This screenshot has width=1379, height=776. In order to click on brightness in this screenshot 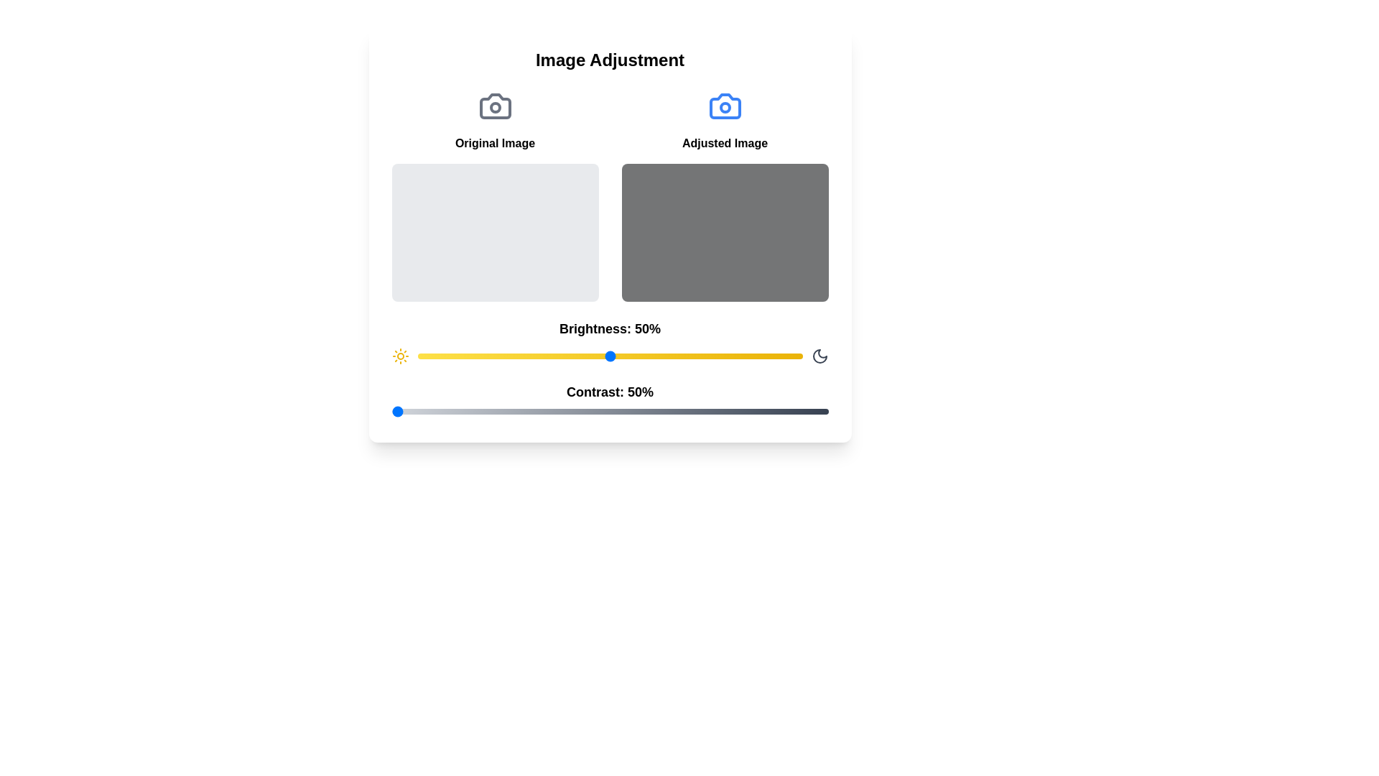, I will do `click(659, 356)`.